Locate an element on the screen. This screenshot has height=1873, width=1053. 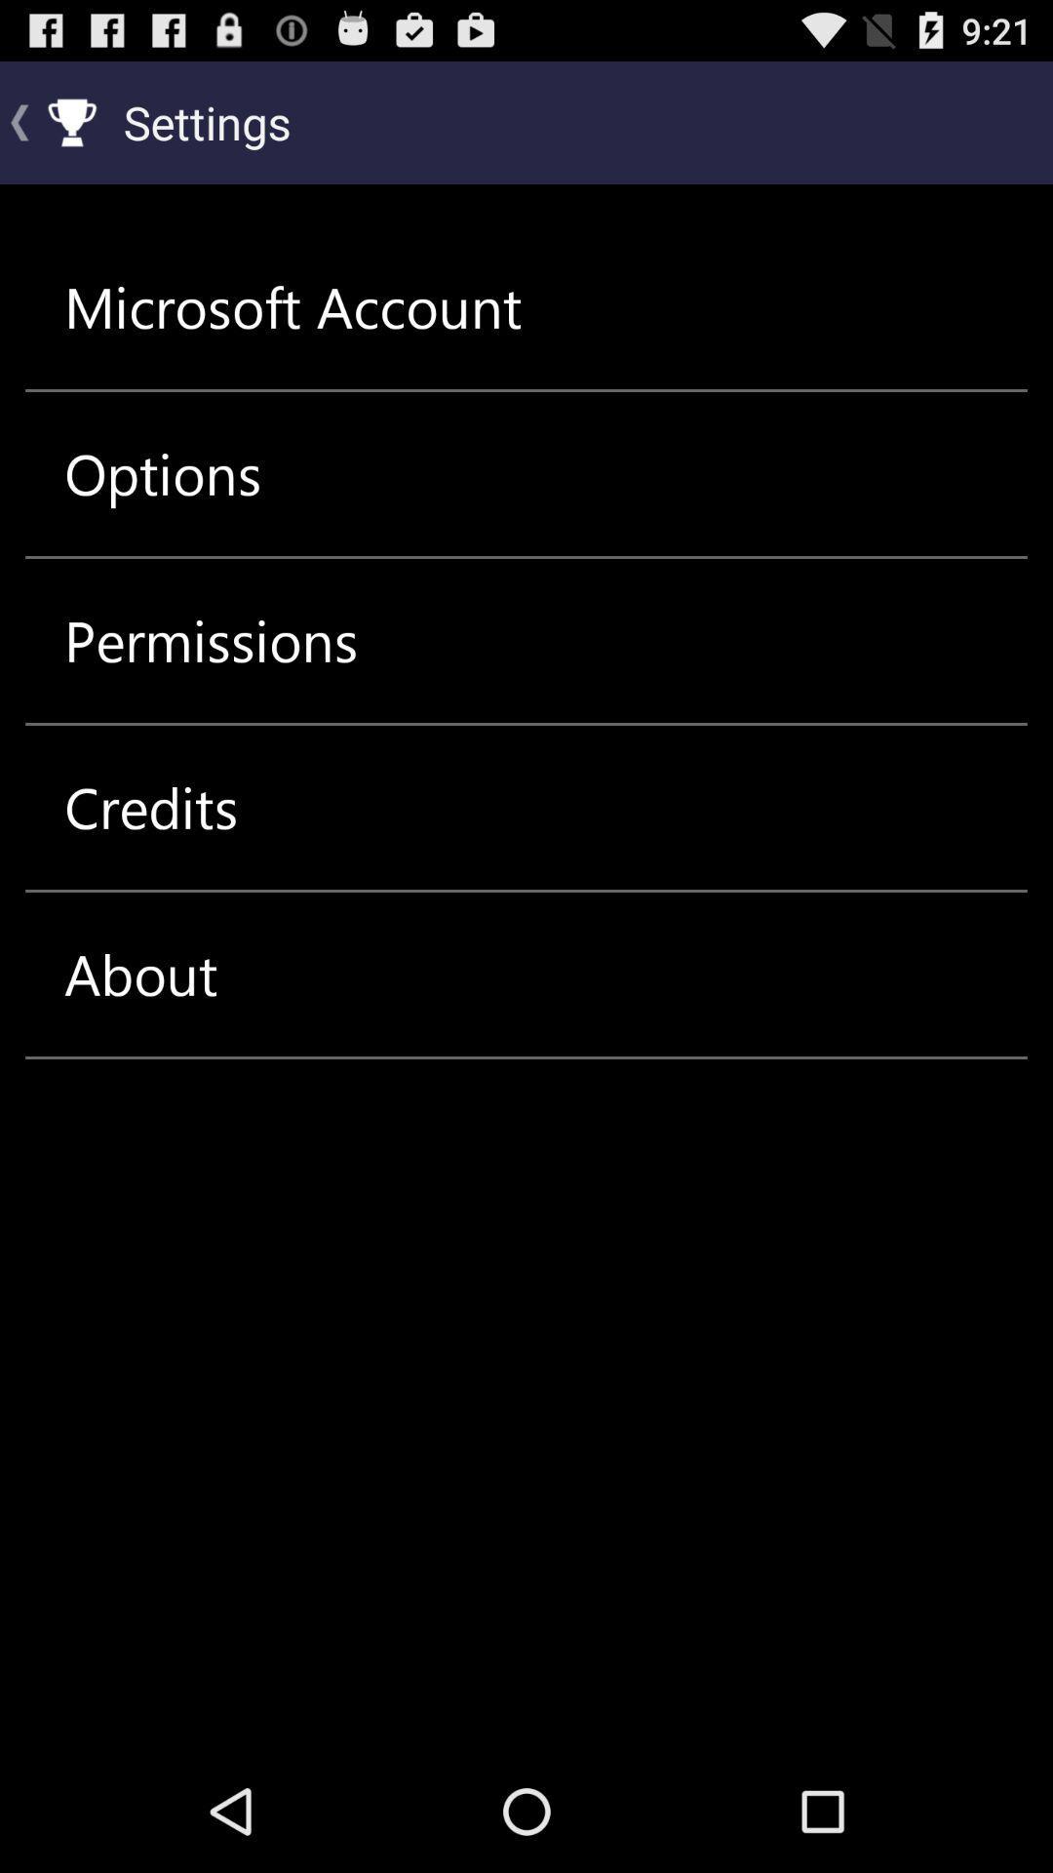
icon above credits item is located at coordinates (211, 641).